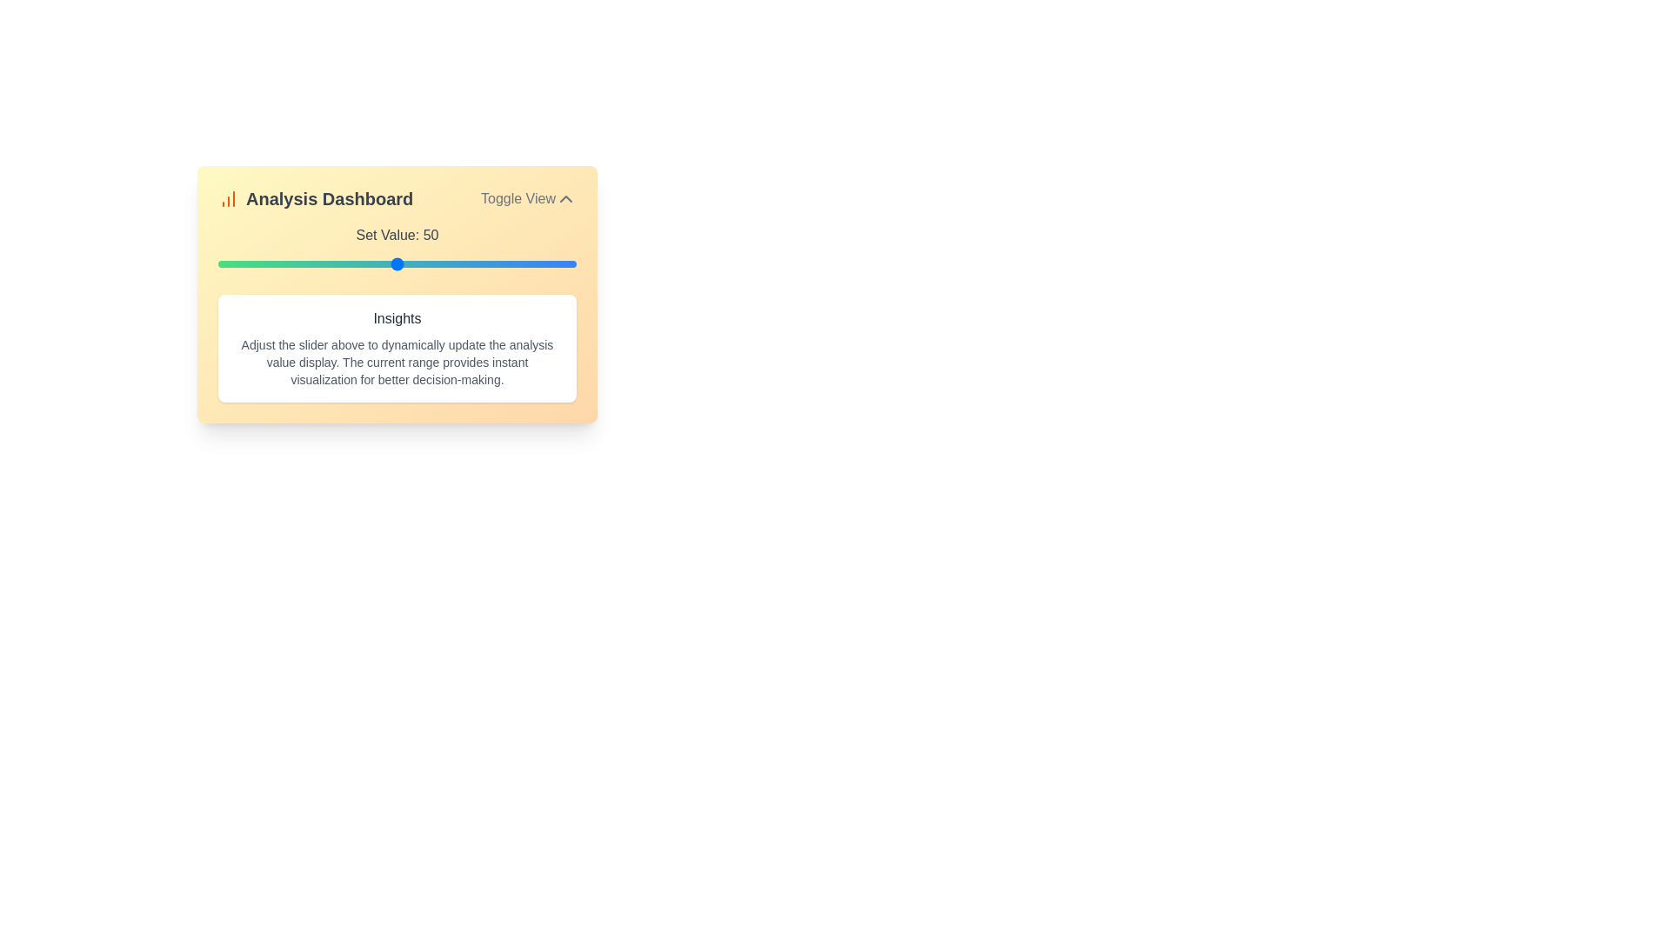  Describe the element at coordinates (396, 264) in the screenshot. I see `the slider to set the value to 50` at that location.